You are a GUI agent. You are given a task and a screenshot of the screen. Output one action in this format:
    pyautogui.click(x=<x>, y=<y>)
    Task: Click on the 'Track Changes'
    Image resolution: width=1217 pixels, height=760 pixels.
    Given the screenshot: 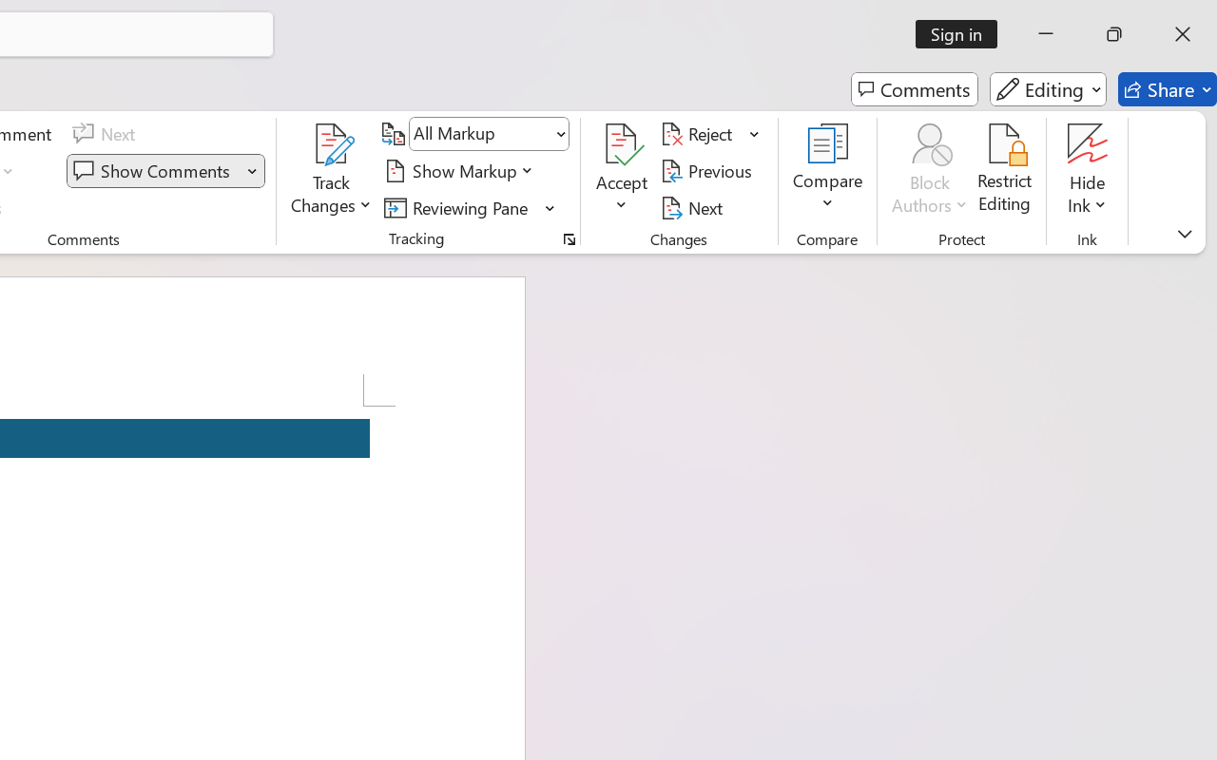 What is the action you would take?
    pyautogui.click(x=332, y=143)
    